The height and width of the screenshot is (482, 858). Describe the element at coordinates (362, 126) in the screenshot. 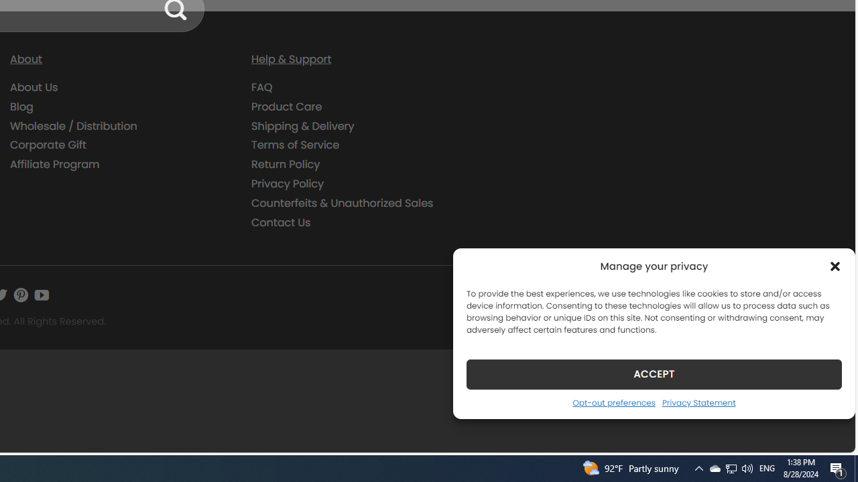

I see `'Shipping & Delivery'` at that location.